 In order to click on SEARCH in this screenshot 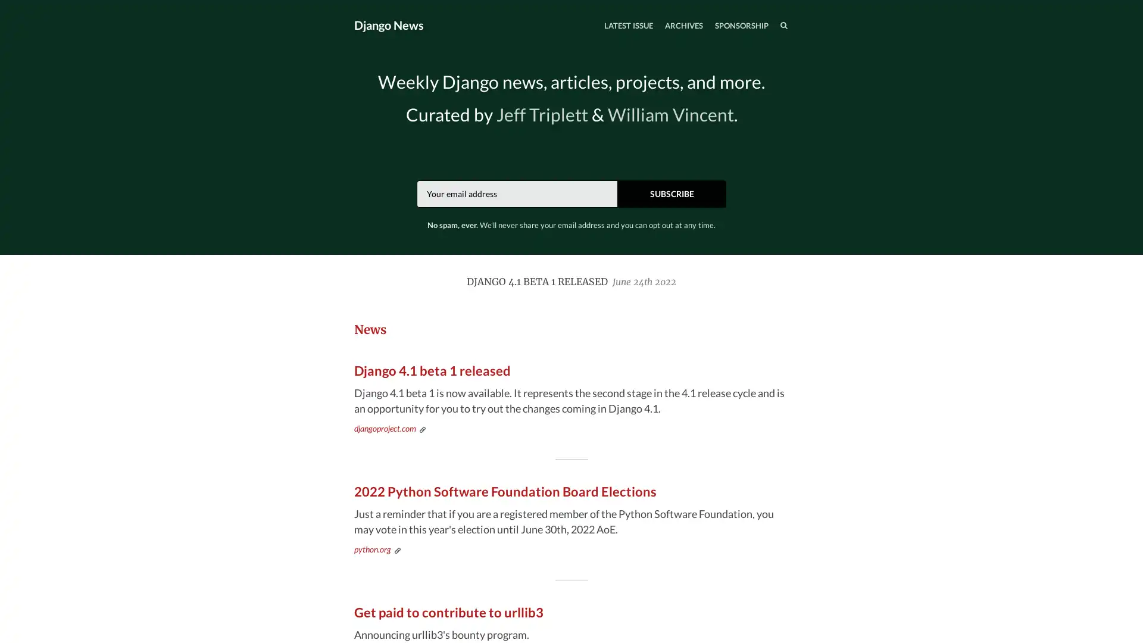, I will do `click(758, 25)`.